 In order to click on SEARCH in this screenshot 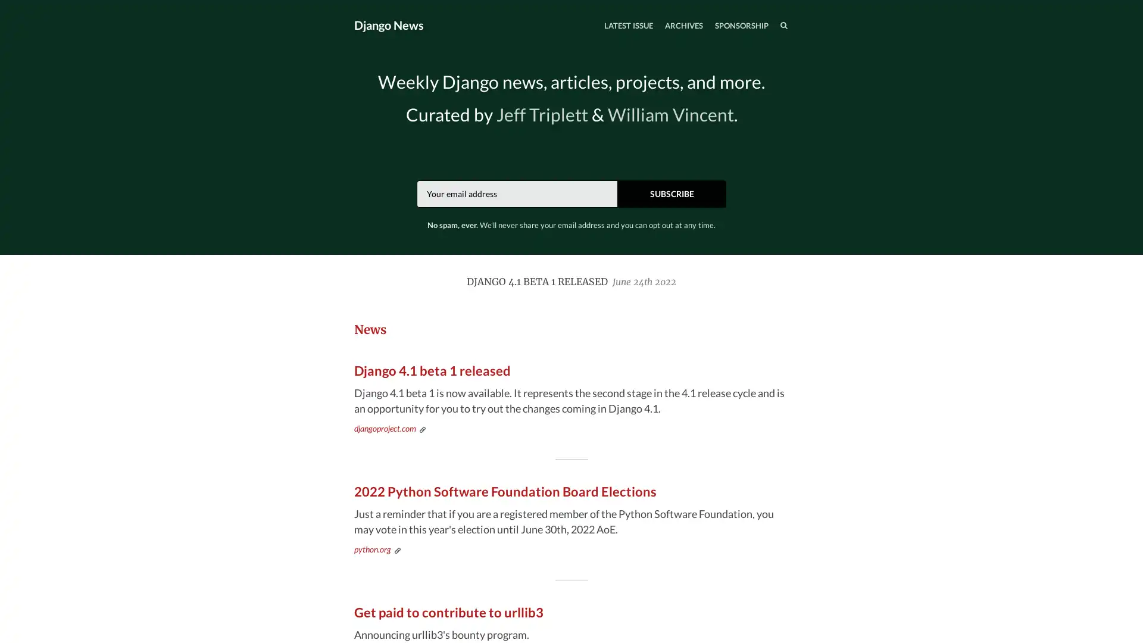, I will do `click(758, 25)`.